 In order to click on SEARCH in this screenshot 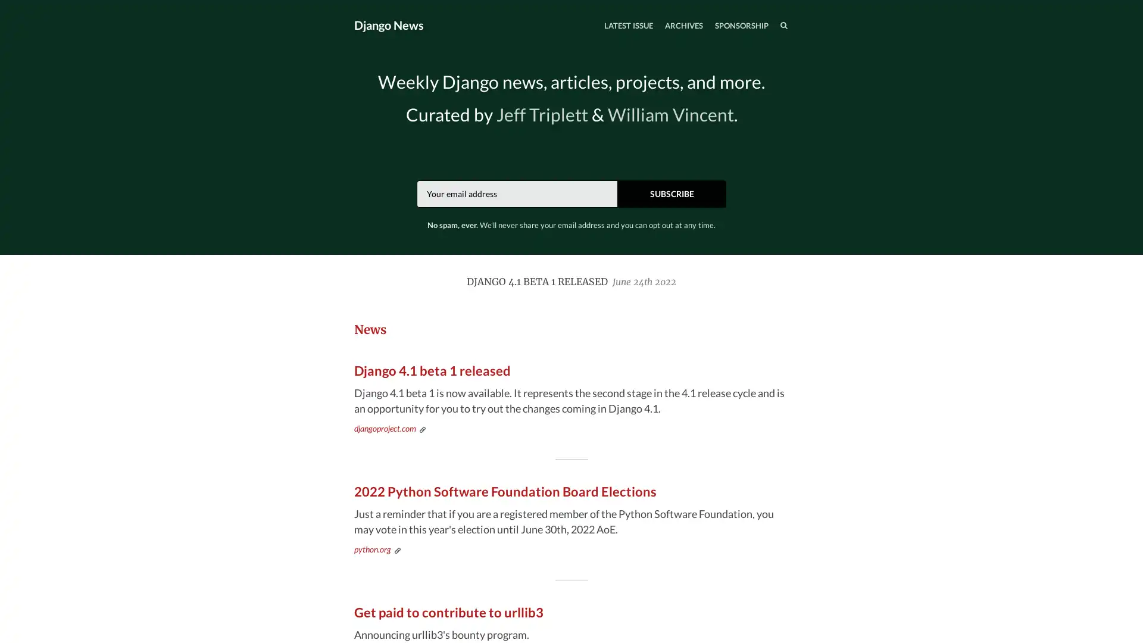, I will do `click(758, 25)`.